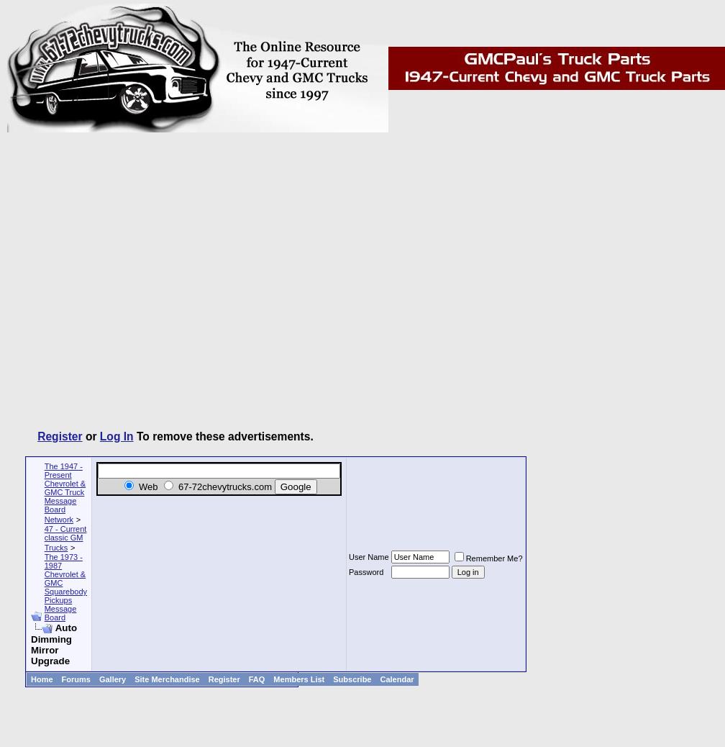 The width and height of the screenshot is (725, 747). Describe the element at coordinates (352, 679) in the screenshot. I see `'Subscribe'` at that location.